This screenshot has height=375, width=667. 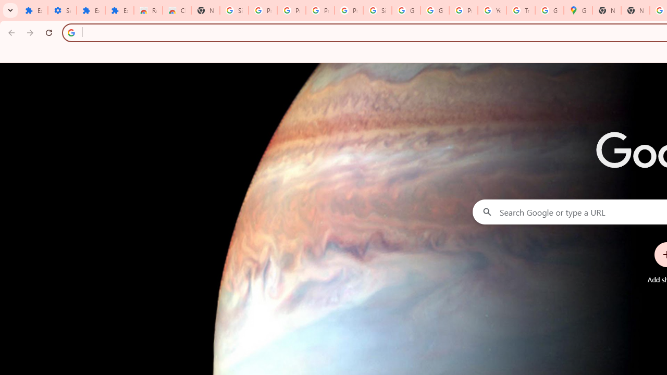 What do you see at coordinates (177, 10) in the screenshot?
I see `'Chrome Web Store - Themes'` at bounding box center [177, 10].